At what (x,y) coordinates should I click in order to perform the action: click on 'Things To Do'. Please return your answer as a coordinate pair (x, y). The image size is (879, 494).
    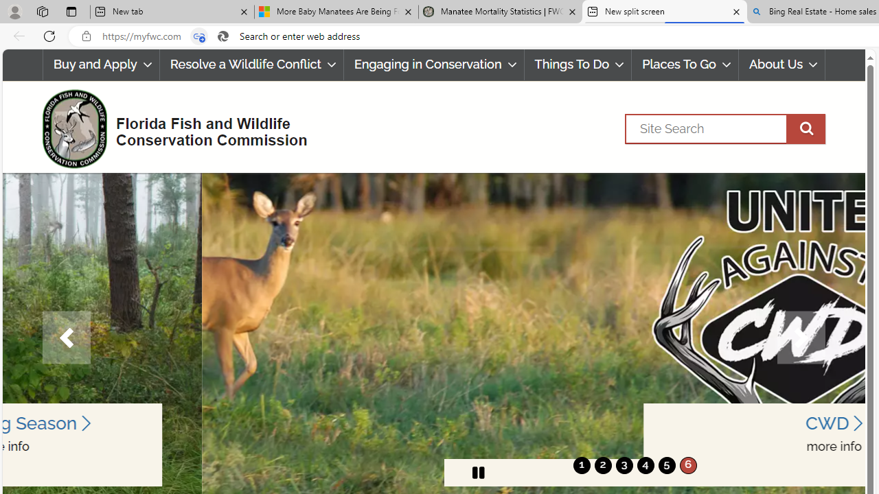
    Looking at the image, I should click on (578, 64).